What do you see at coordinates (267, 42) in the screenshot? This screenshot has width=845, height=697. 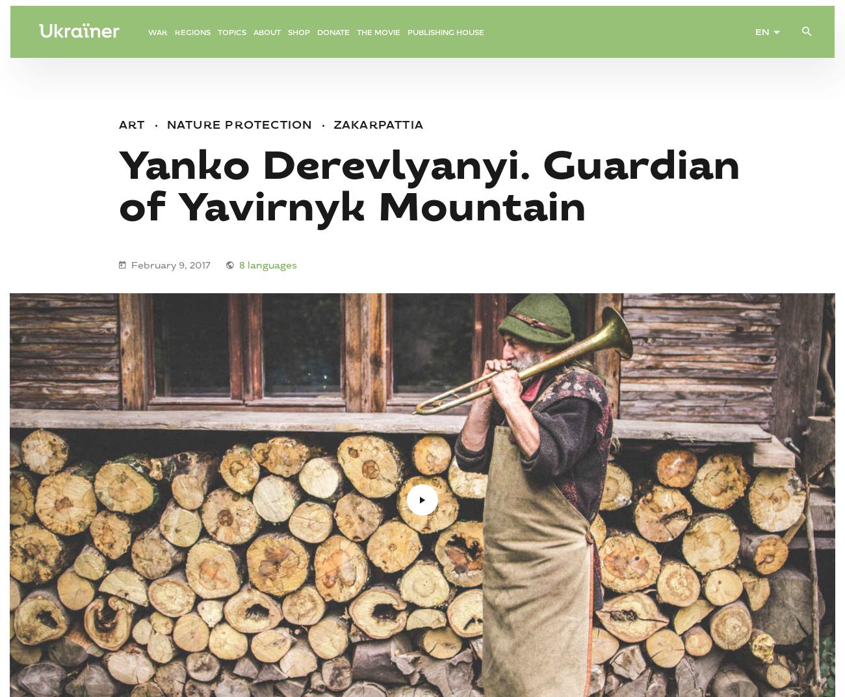 I see `'About'` at bounding box center [267, 42].